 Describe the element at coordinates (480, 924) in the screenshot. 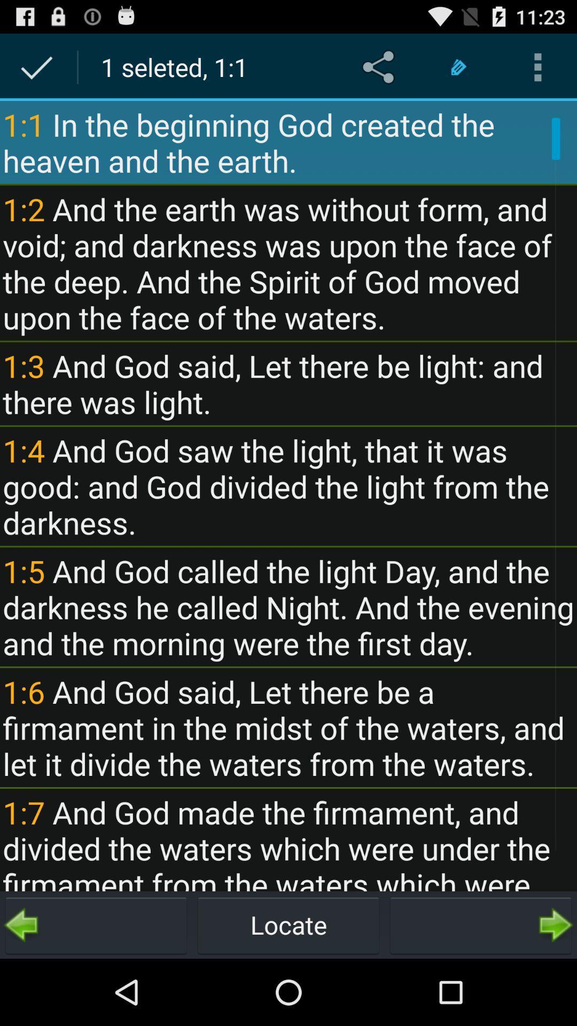

I see `the item below 1 7 and app` at that location.